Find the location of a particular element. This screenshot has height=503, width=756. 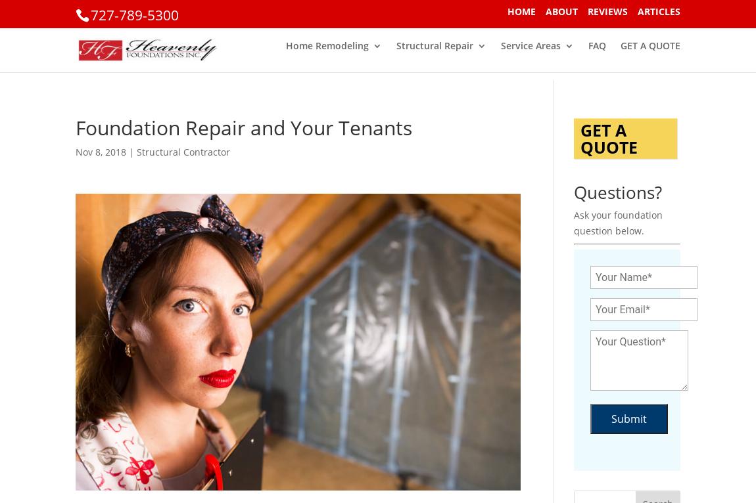

'Truss Repairs' is located at coordinates (342, 108).